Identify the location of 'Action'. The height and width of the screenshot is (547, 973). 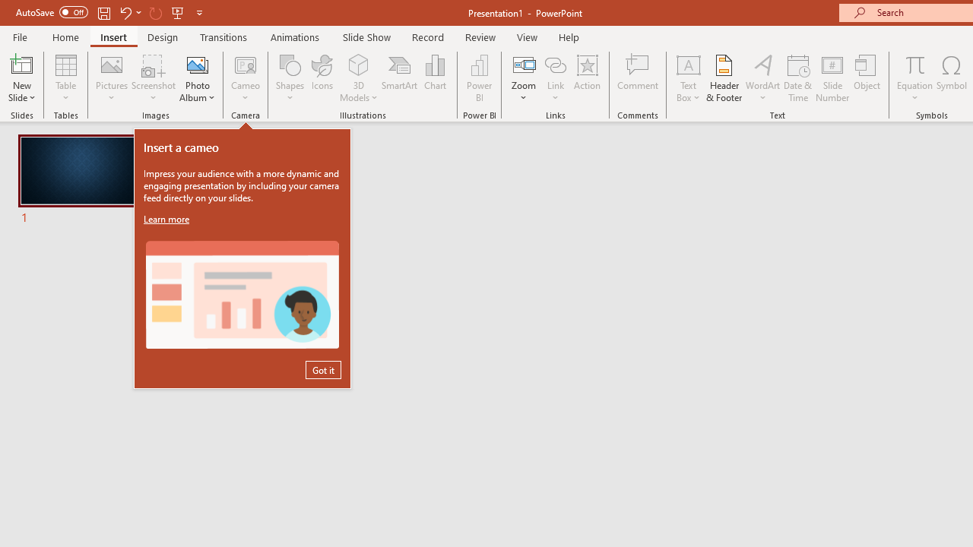
(587, 78).